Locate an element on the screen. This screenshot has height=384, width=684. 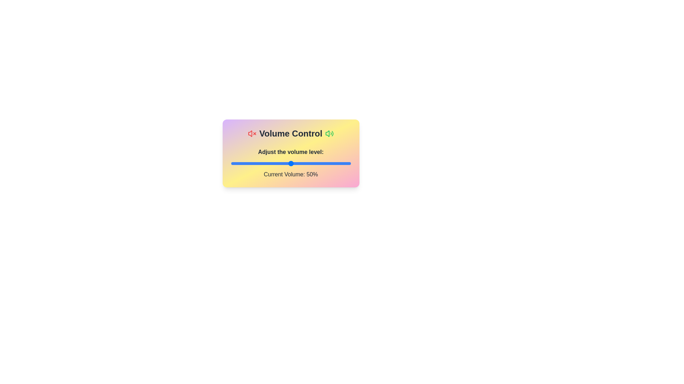
the unmute volume icon is located at coordinates (329, 133).